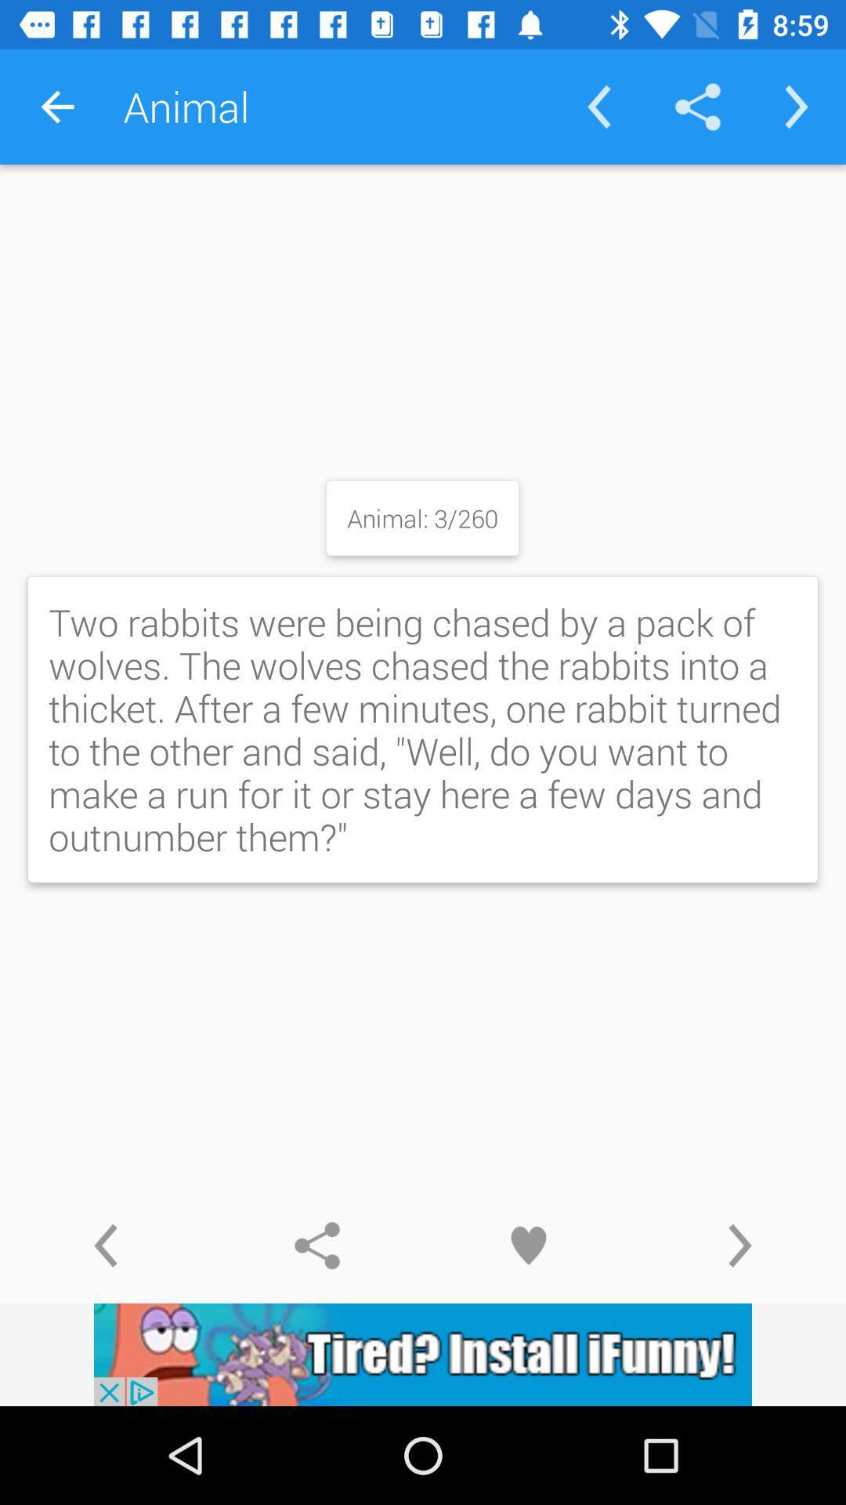 This screenshot has width=846, height=1505. What do you see at coordinates (740, 1245) in the screenshot?
I see `next joke` at bounding box center [740, 1245].